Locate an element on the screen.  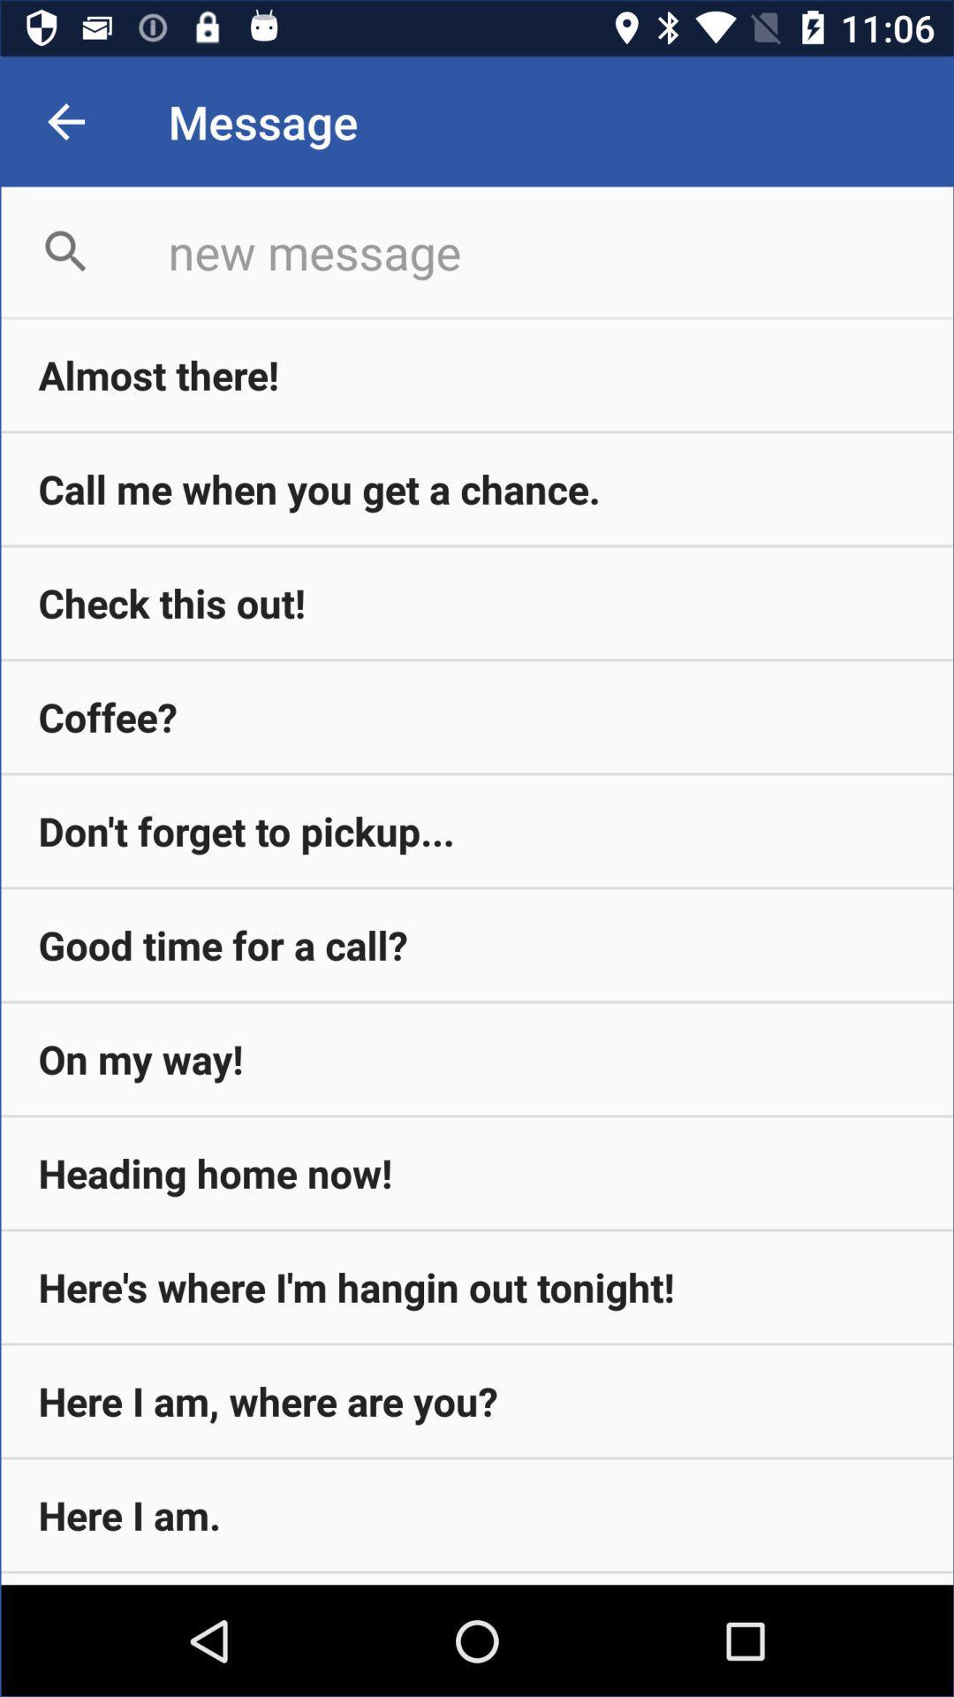
the icon above the heading home now! item is located at coordinates (477, 1059).